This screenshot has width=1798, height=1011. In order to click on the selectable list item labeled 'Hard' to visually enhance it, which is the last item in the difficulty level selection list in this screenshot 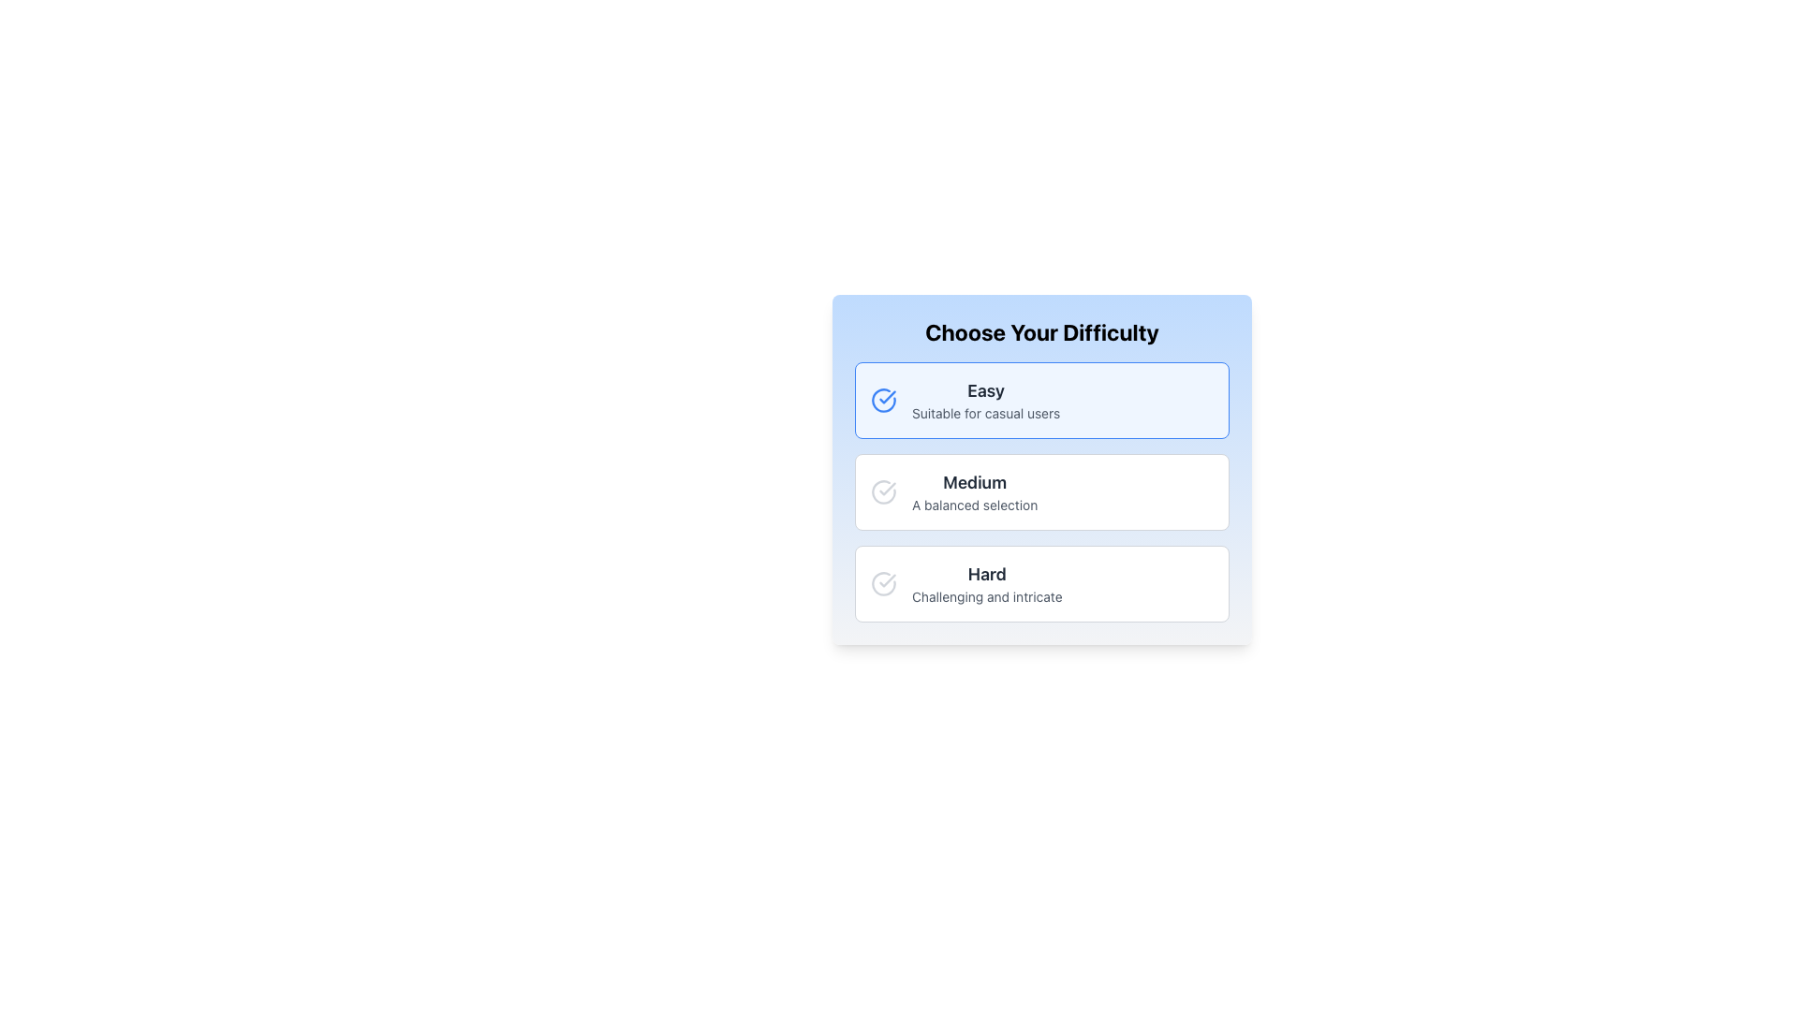, I will do `click(1041, 583)`.